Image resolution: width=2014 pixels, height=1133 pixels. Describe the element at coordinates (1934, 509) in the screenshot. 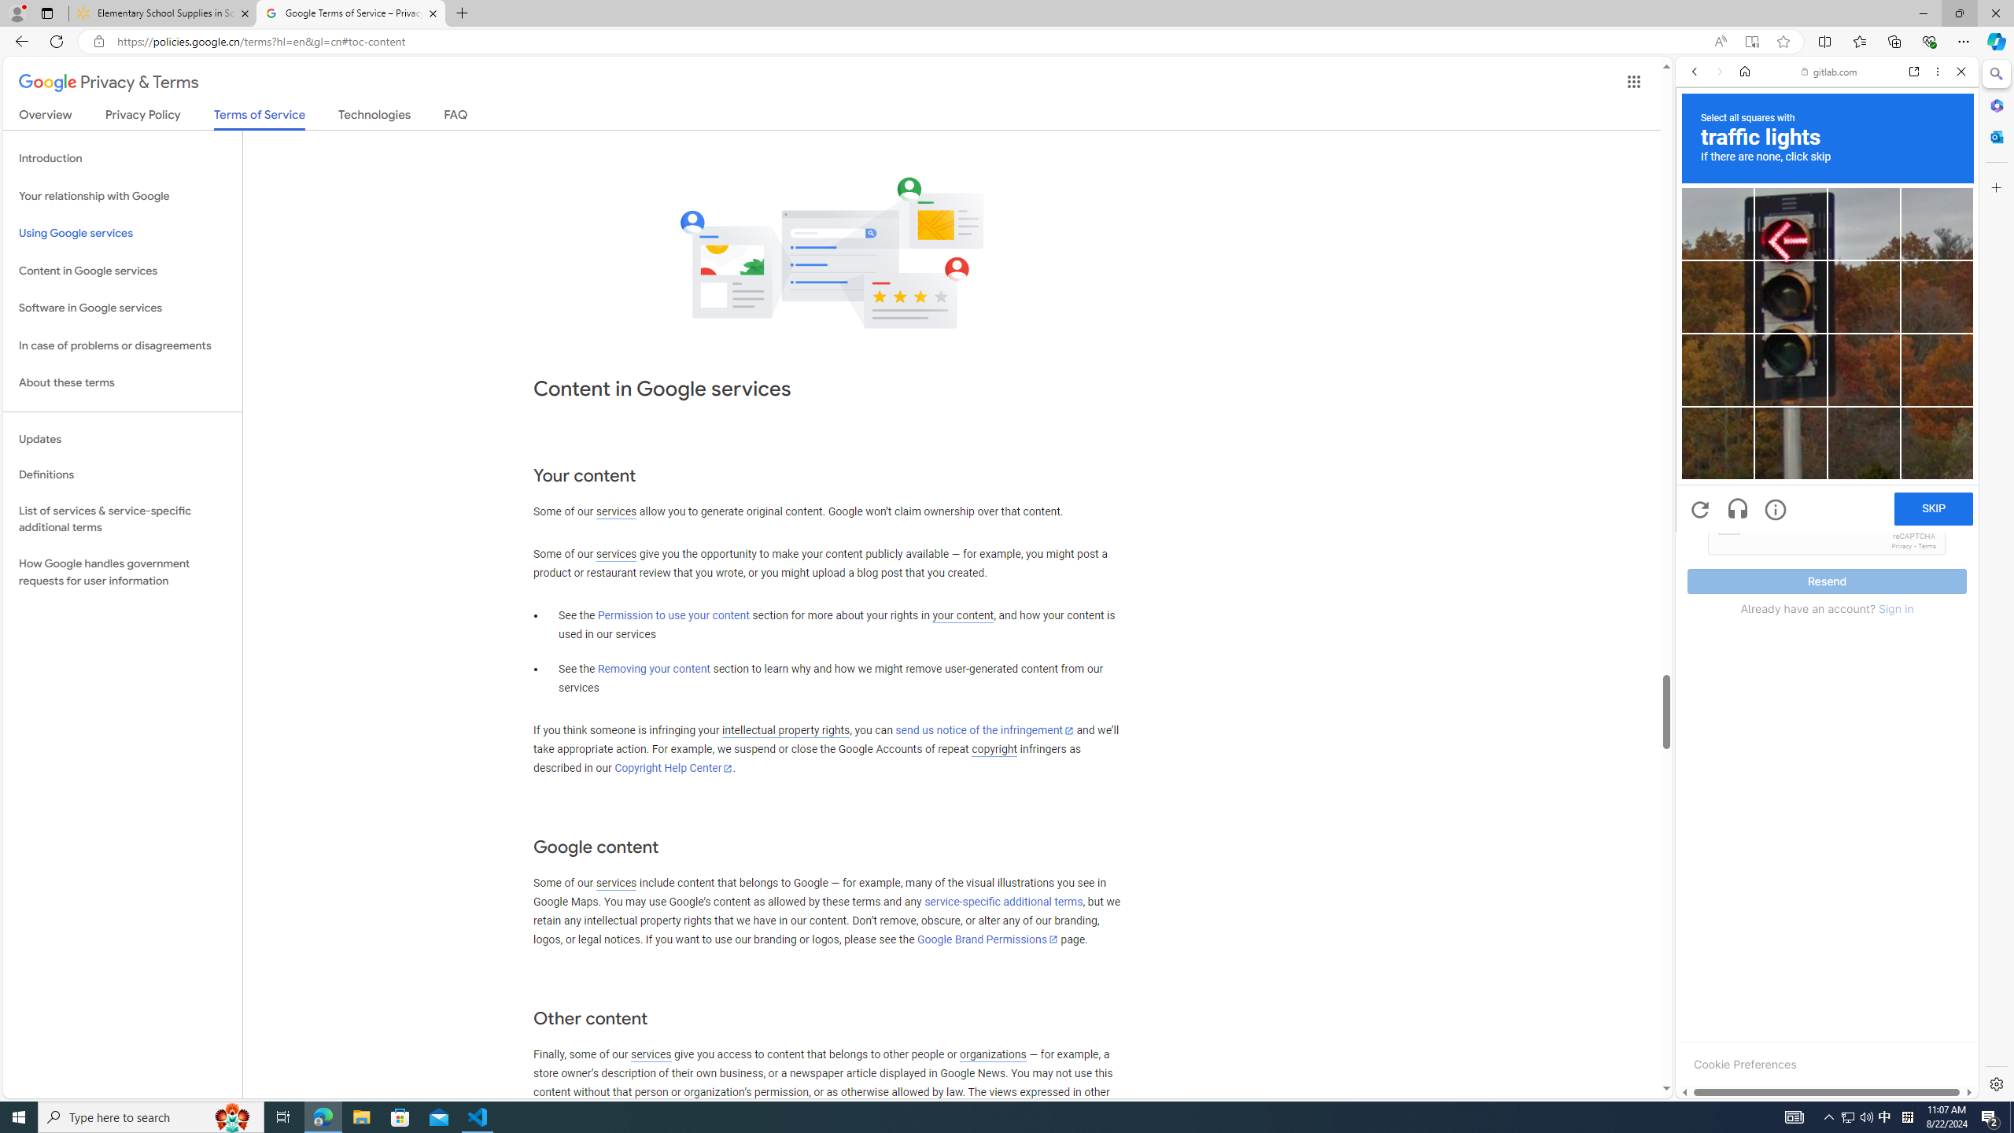

I see `'SKIP'` at that location.